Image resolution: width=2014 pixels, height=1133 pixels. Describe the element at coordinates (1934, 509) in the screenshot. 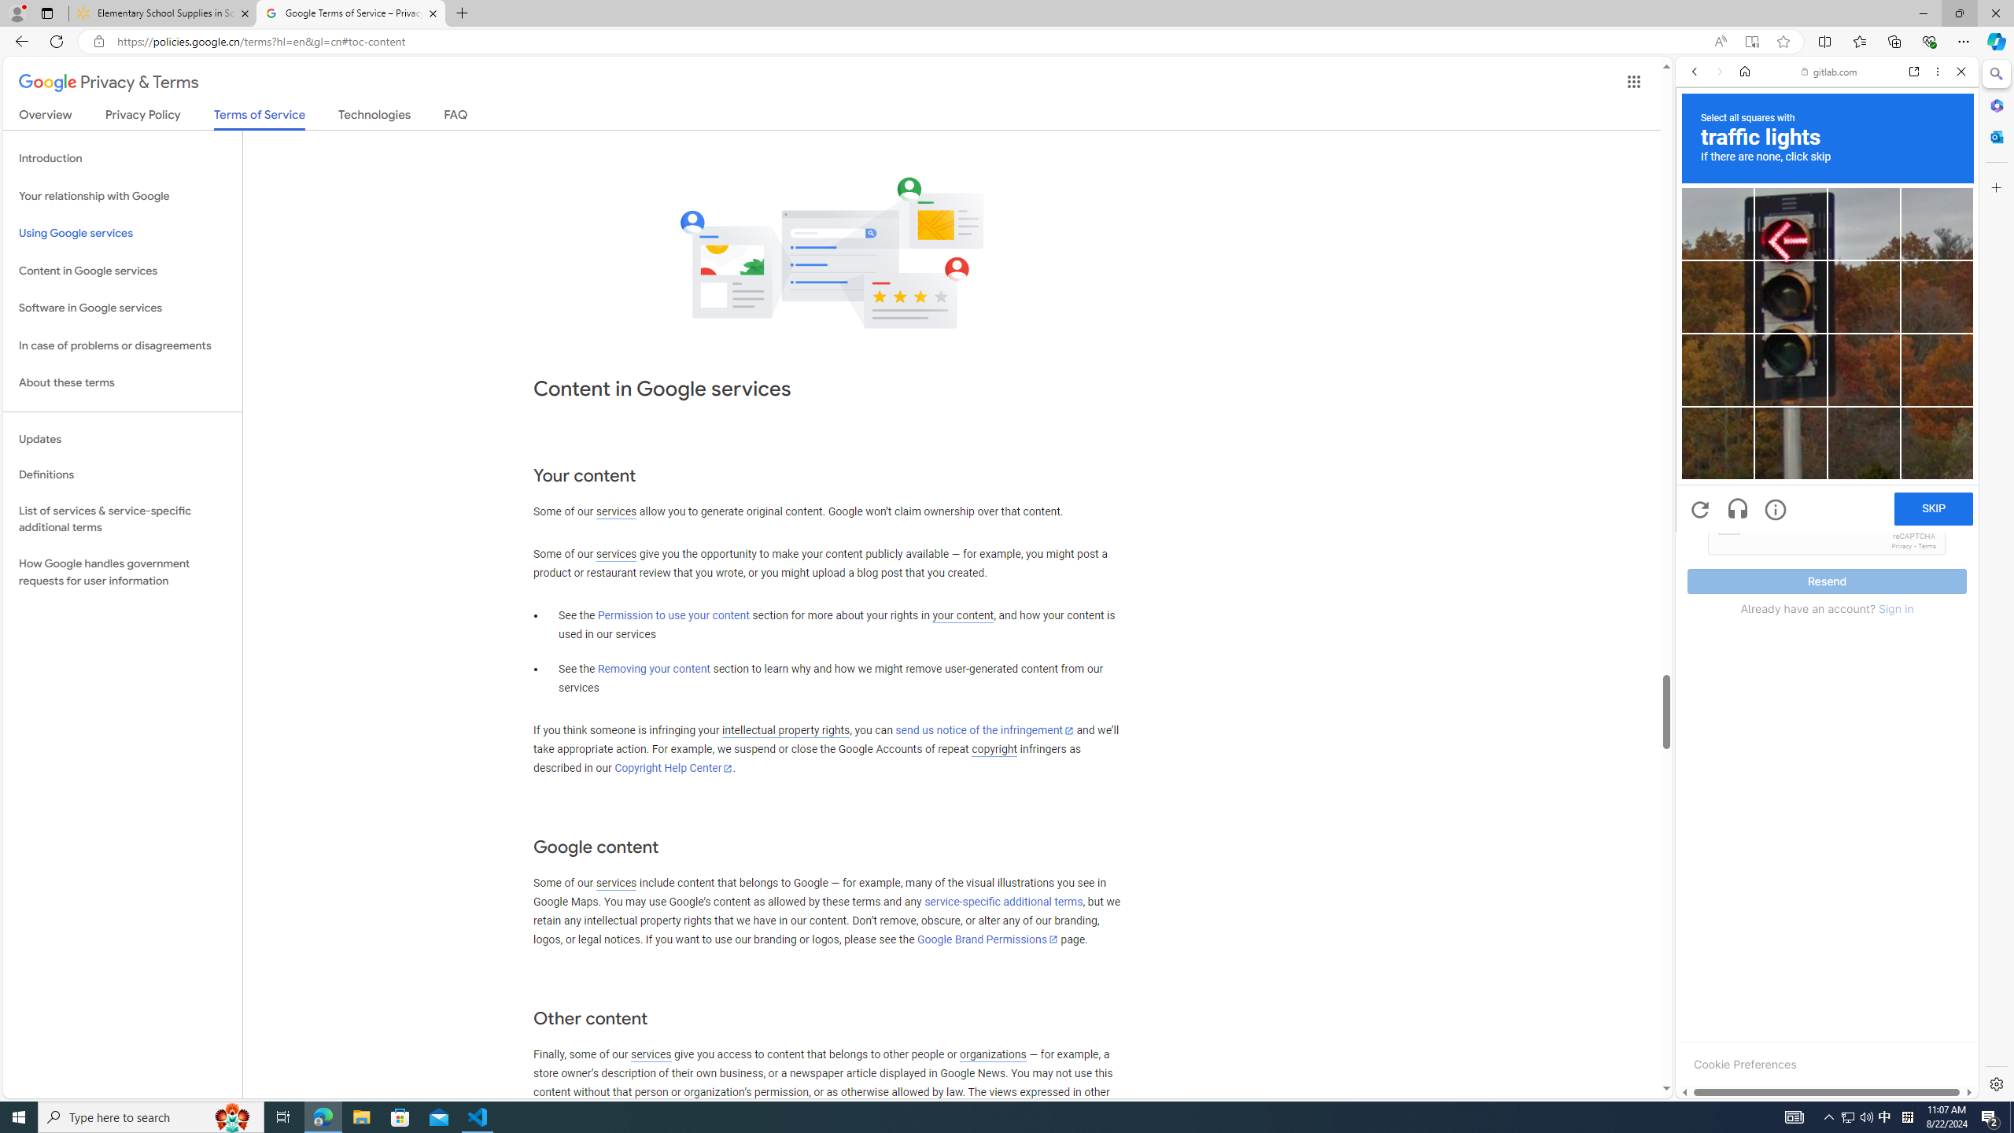

I see `'SKIP'` at that location.